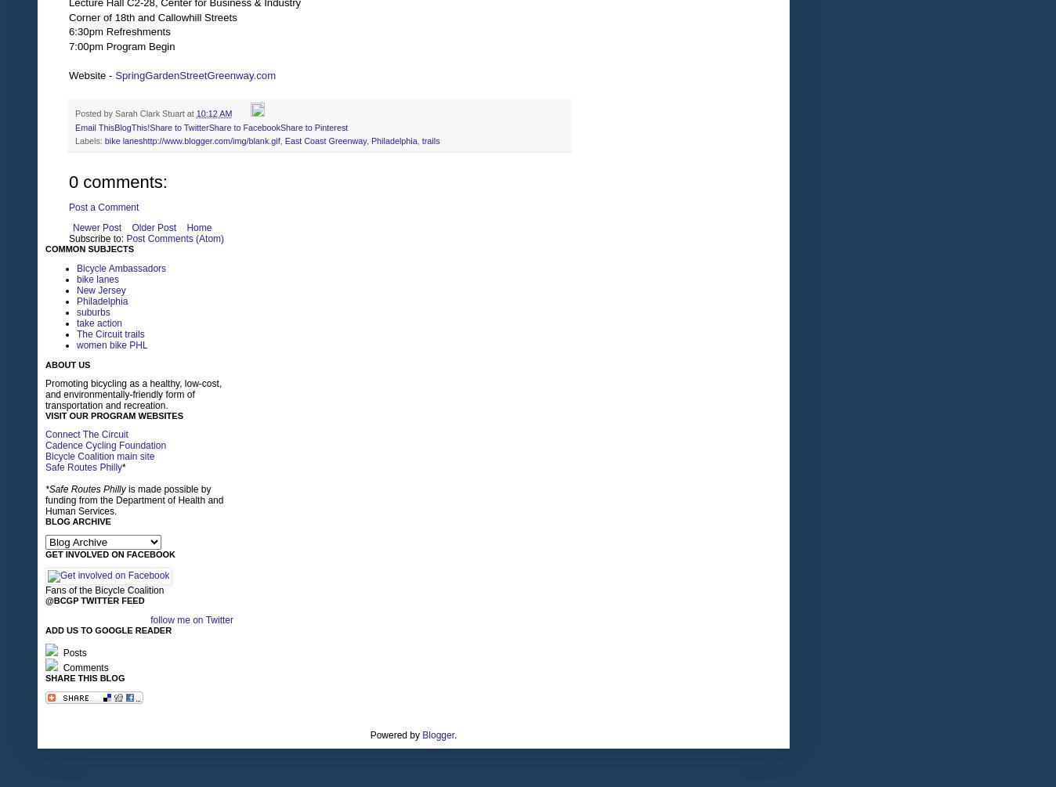 Image resolution: width=1056 pixels, height=787 pixels. What do you see at coordinates (118, 31) in the screenshot?
I see `'6:30pm Refreshments'` at bounding box center [118, 31].